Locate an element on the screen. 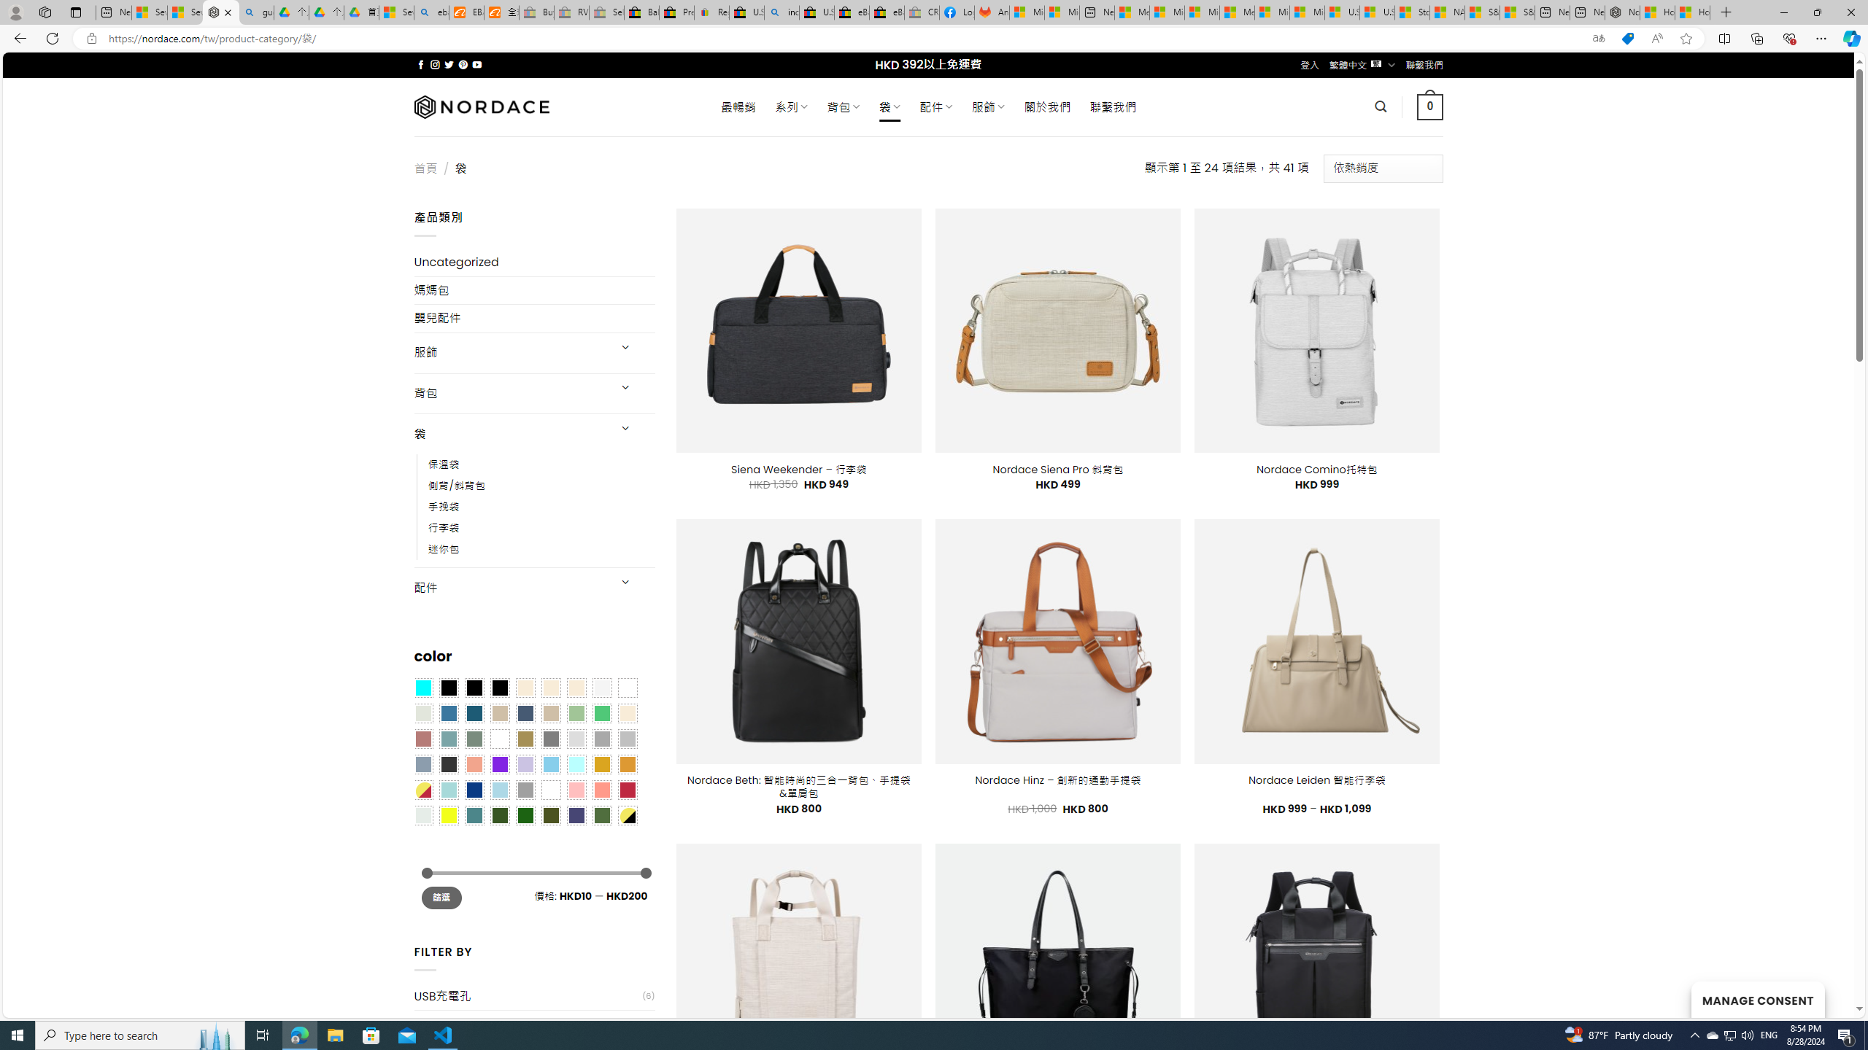 This screenshot has width=1868, height=1050. 'Log into Facebook' is located at coordinates (957, 12).